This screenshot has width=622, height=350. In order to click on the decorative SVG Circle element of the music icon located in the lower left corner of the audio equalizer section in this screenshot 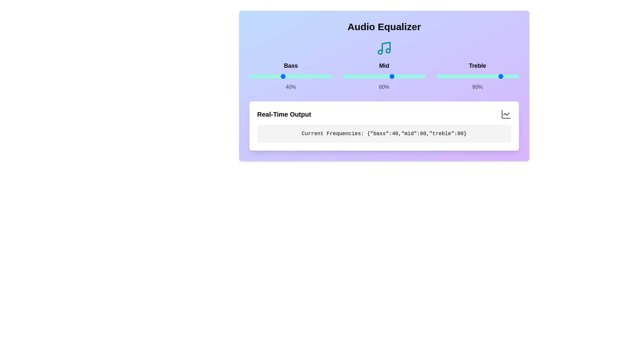, I will do `click(380, 52)`.